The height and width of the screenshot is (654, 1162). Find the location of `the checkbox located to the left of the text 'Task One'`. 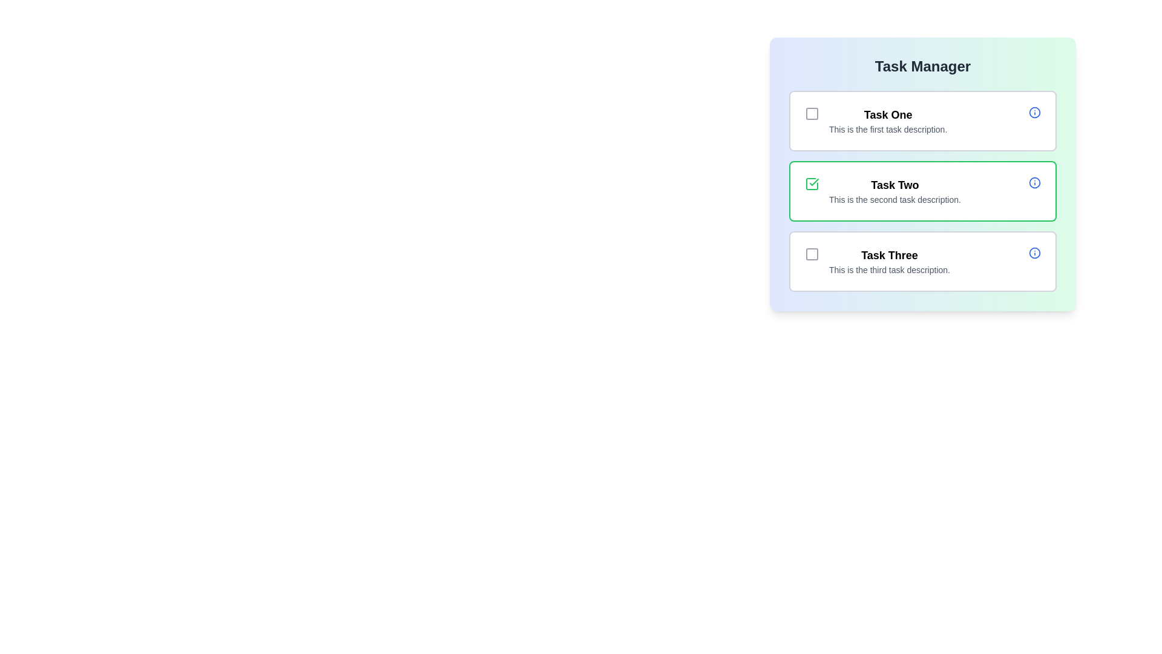

the checkbox located to the left of the text 'Task One' is located at coordinates (812, 114).